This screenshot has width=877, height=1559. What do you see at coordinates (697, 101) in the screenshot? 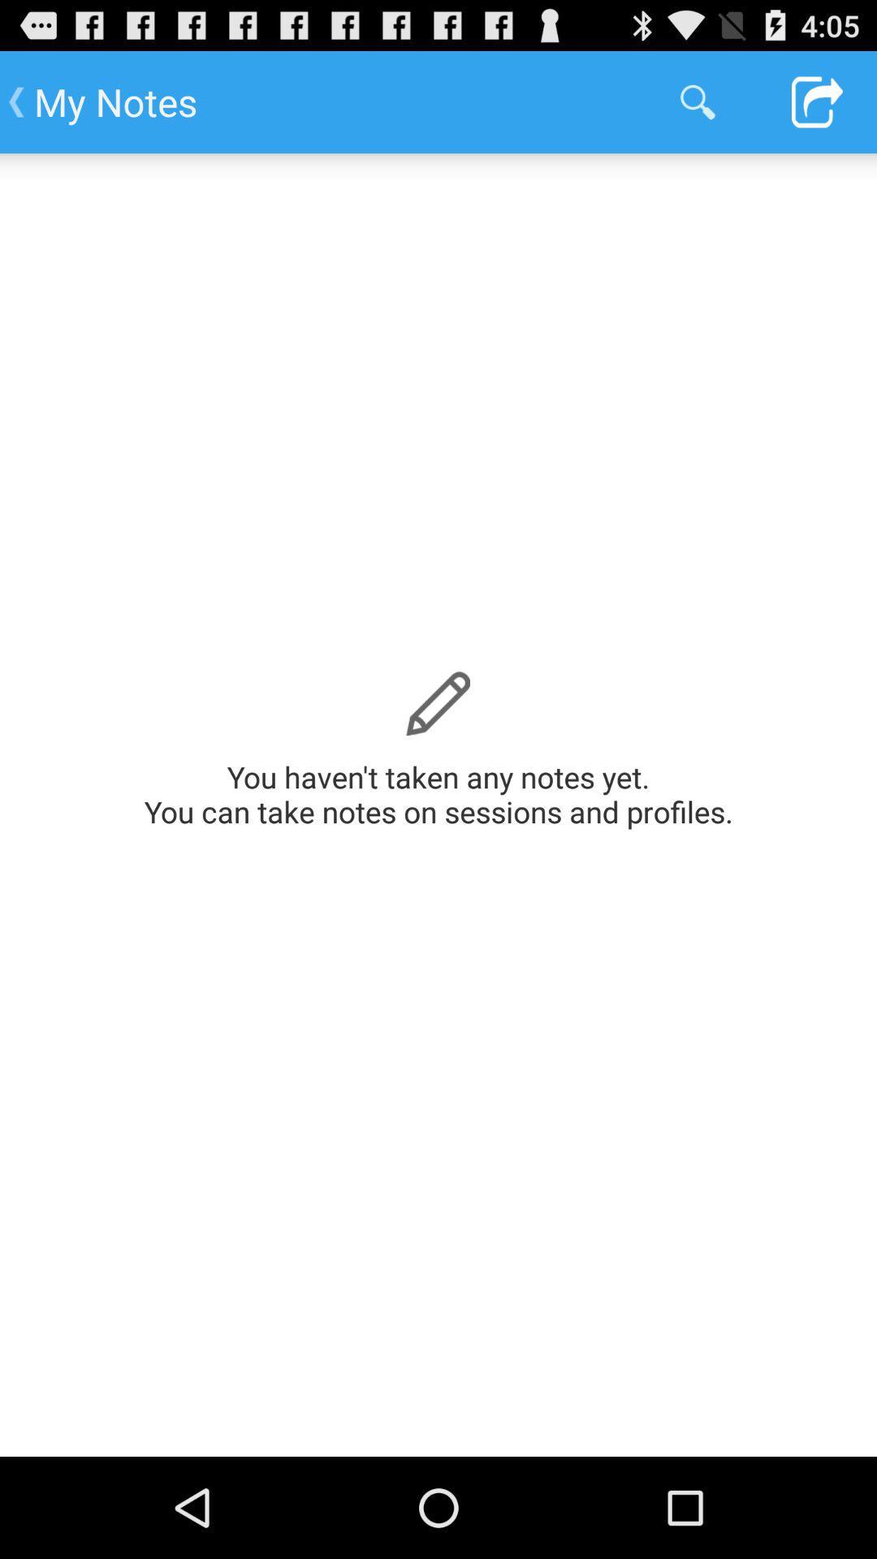
I see `the item next to the my notes icon` at bounding box center [697, 101].